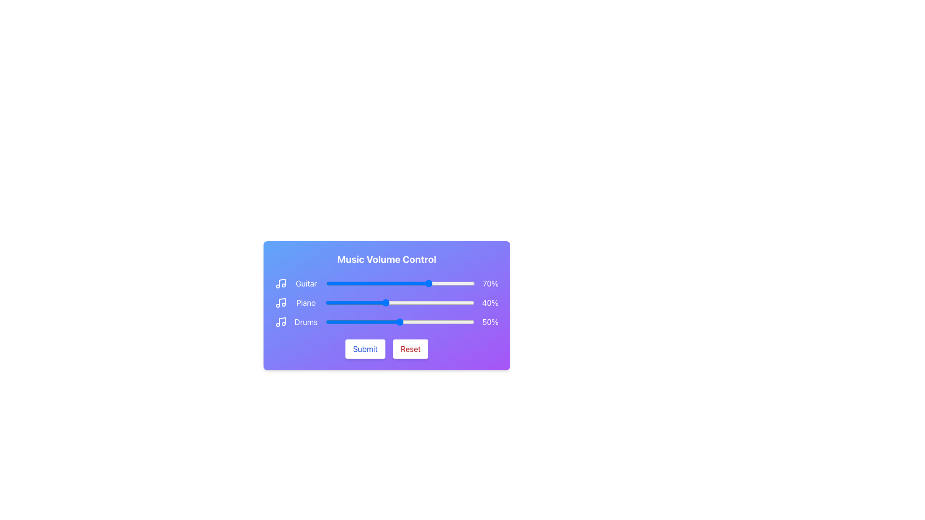 Image resolution: width=925 pixels, height=520 pixels. What do you see at coordinates (339, 322) in the screenshot?
I see `the drum volume` at bounding box center [339, 322].